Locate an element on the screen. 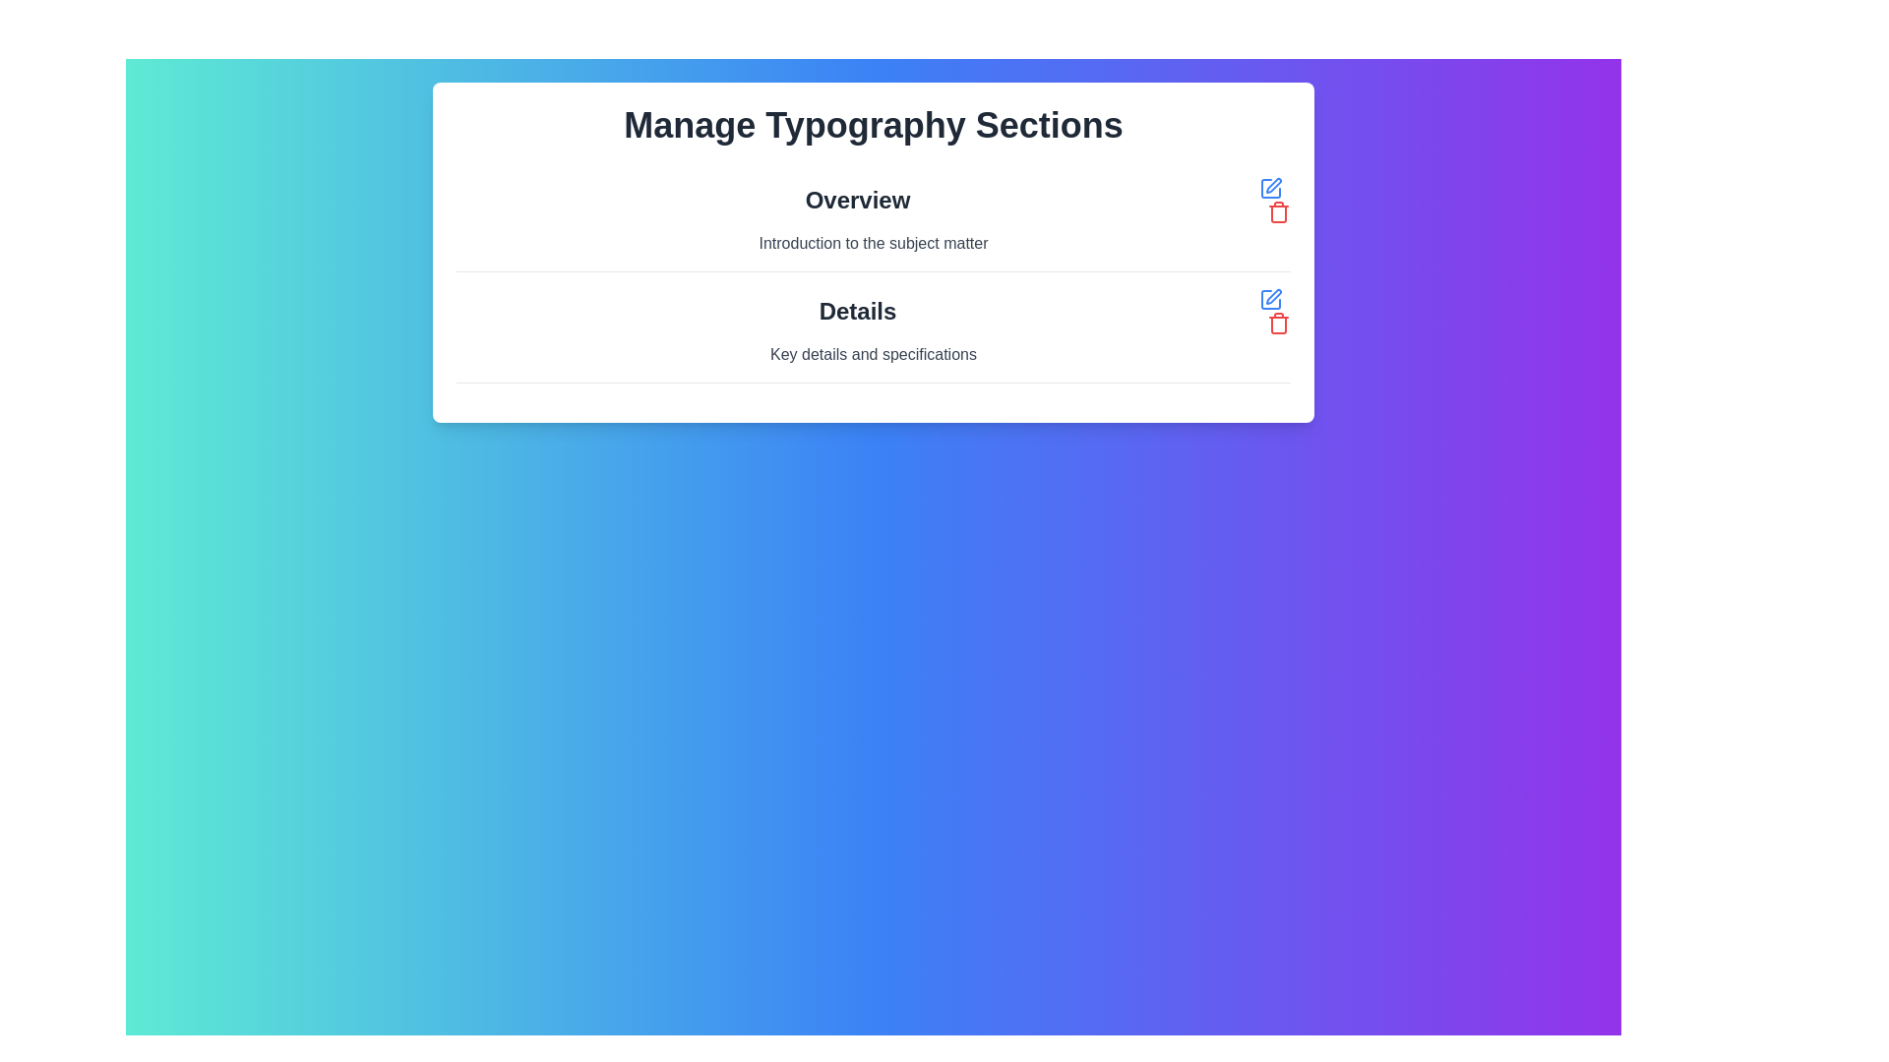 This screenshot has width=1889, height=1062. the text label displaying 'Key details and specifications', which is styled with a muted gray color and located under the bold 'Details' section is located at coordinates (873, 355).